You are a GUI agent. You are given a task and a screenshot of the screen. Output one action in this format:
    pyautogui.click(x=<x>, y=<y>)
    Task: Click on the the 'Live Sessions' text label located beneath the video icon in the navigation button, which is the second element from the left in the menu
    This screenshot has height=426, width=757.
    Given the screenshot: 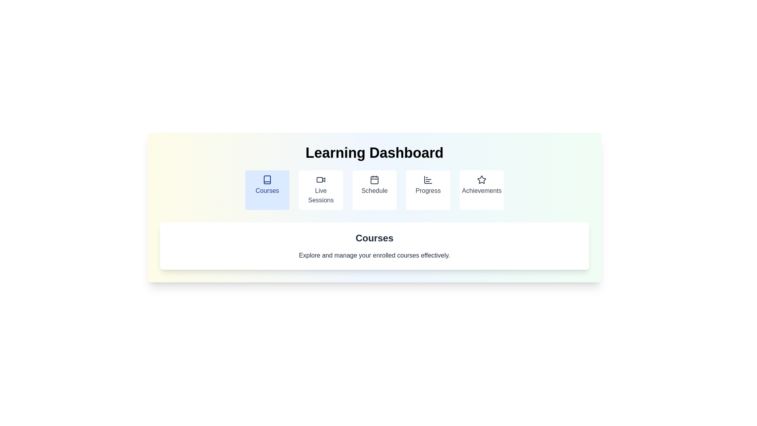 What is the action you would take?
    pyautogui.click(x=321, y=195)
    